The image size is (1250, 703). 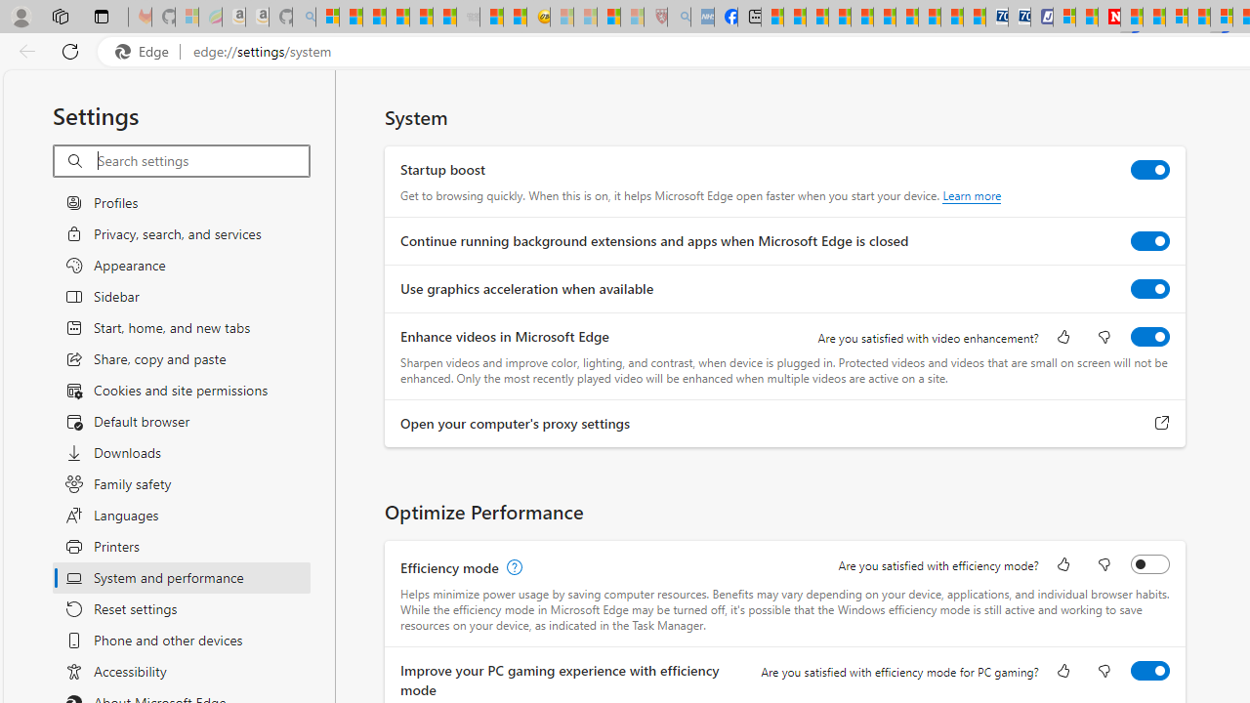 What do you see at coordinates (203, 160) in the screenshot?
I see `'Search settings'` at bounding box center [203, 160].